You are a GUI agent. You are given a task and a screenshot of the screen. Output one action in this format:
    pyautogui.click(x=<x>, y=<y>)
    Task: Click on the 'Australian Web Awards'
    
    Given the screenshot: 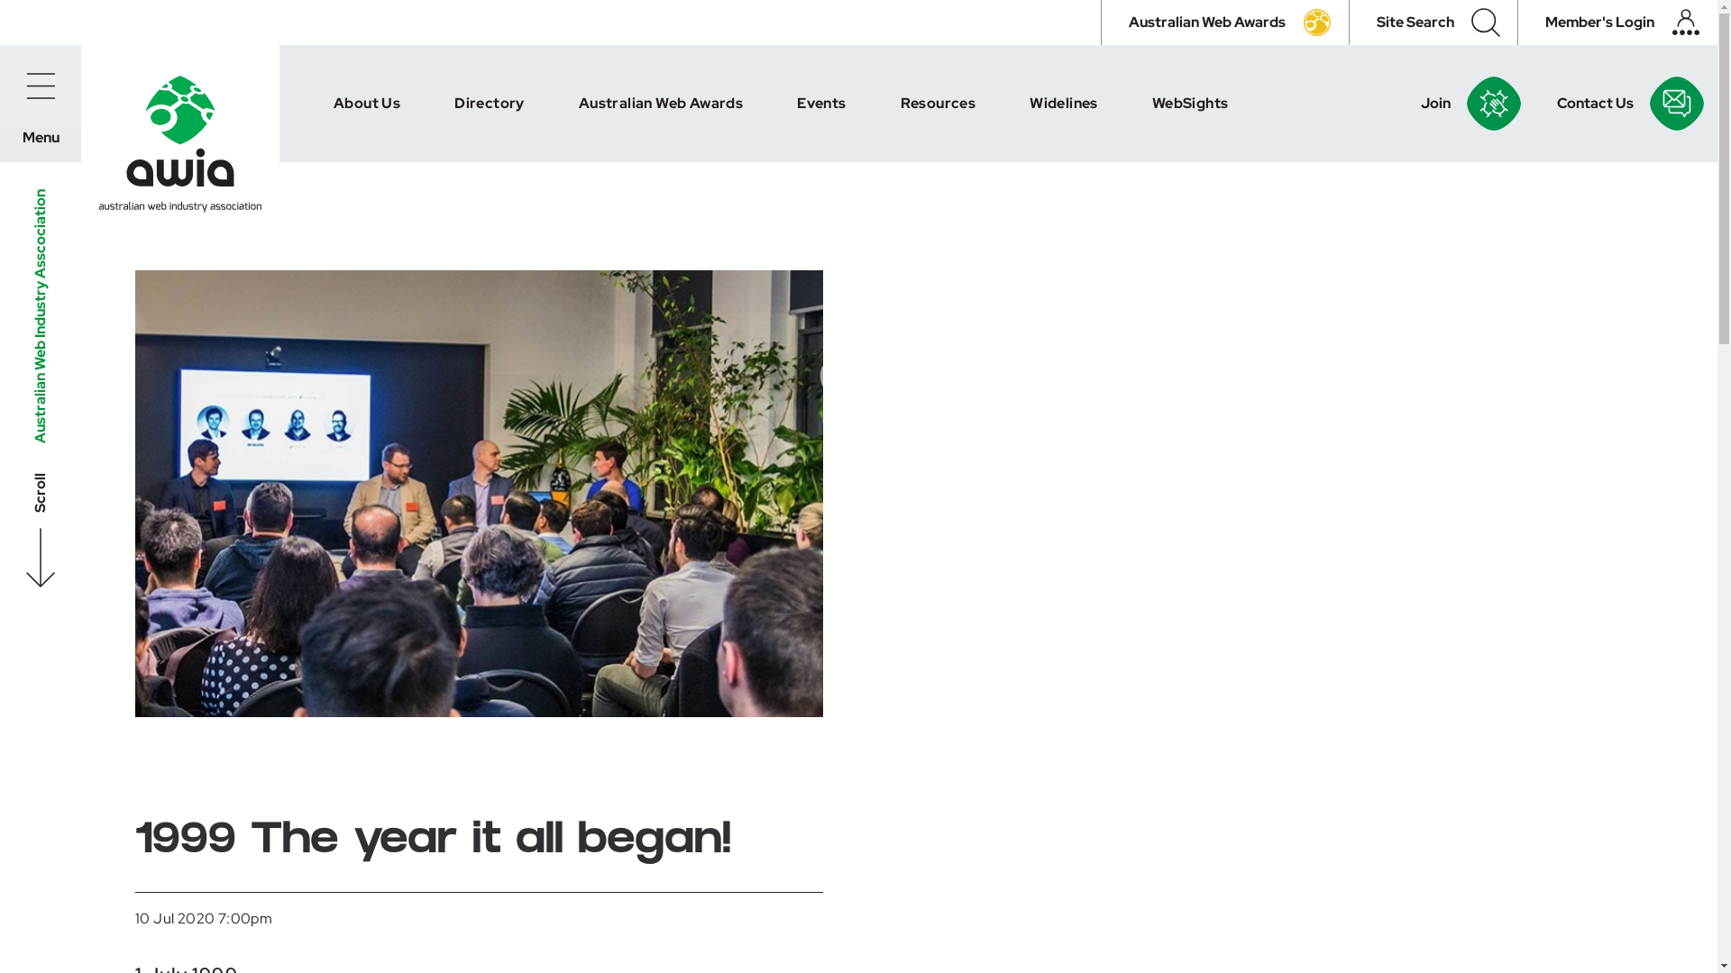 What is the action you would take?
    pyautogui.click(x=1224, y=22)
    